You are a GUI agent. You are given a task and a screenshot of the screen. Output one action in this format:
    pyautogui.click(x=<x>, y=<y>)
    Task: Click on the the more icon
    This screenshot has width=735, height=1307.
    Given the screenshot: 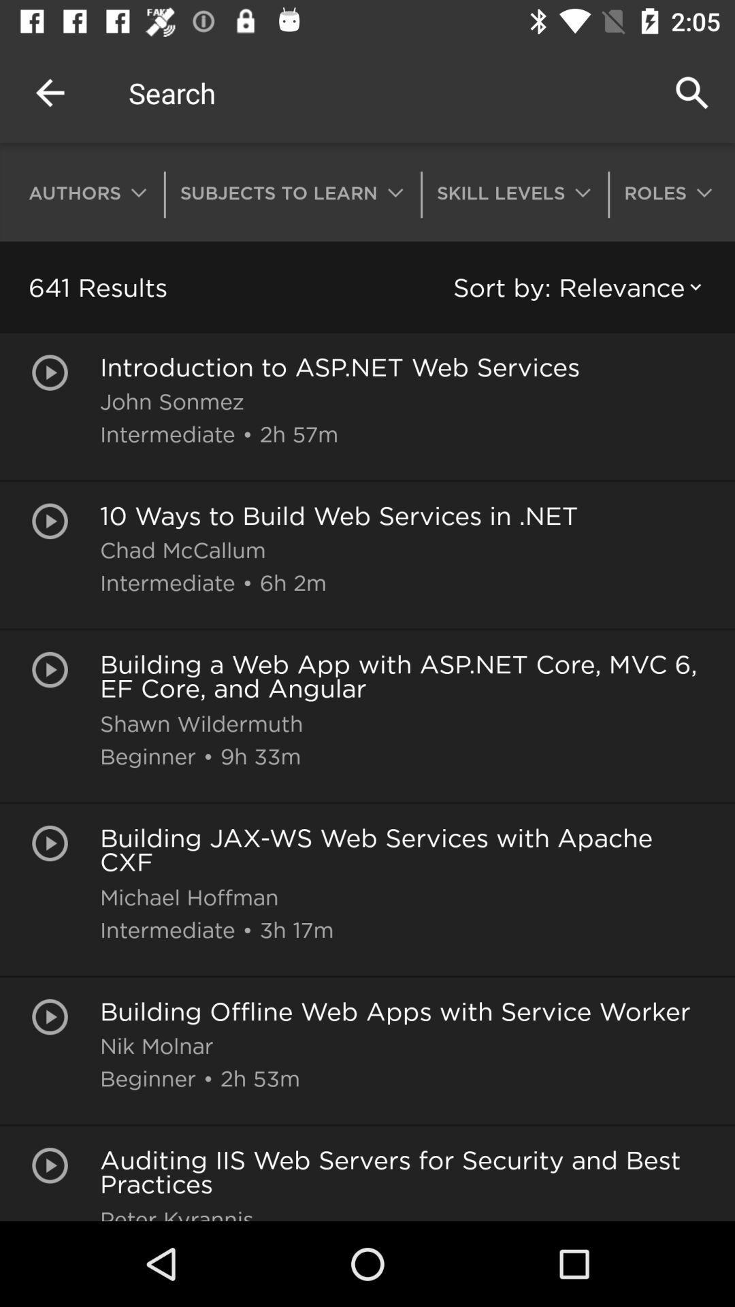 What is the action you would take?
    pyautogui.click(x=88, y=192)
    